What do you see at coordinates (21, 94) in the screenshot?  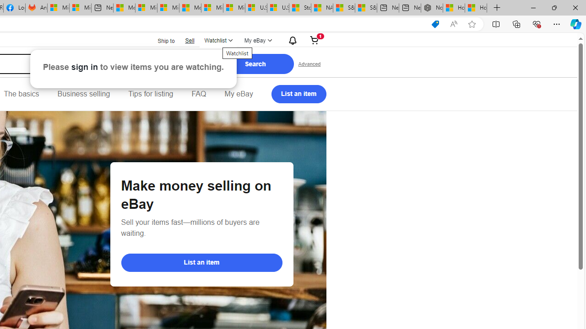 I see `'The basics'` at bounding box center [21, 94].